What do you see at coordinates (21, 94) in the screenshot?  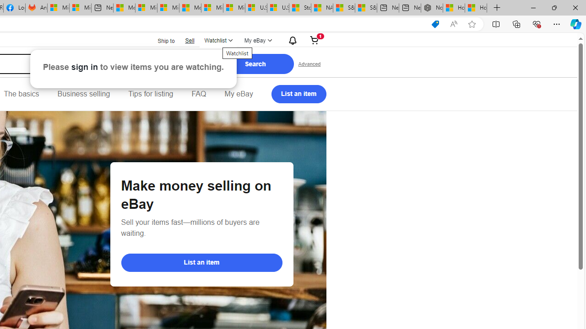 I see `'The basics'` at bounding box center [21, 94].